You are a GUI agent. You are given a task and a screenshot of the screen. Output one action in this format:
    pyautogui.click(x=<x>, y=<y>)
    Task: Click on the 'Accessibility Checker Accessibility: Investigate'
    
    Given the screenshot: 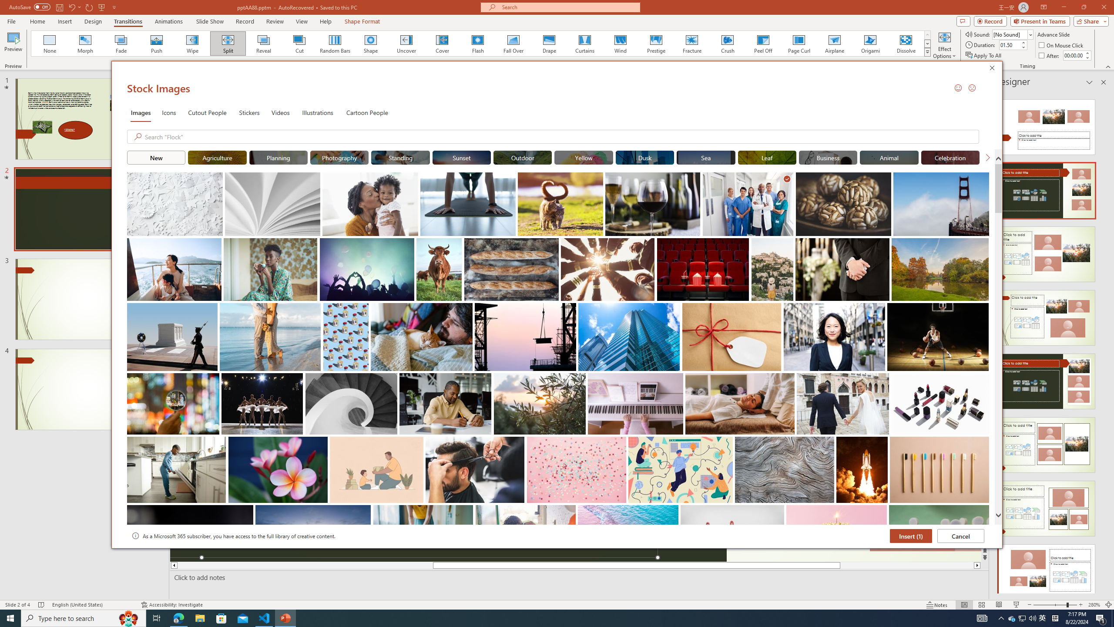 What is the action you would take?
    pyautogui.click(x=172, y=605)
    